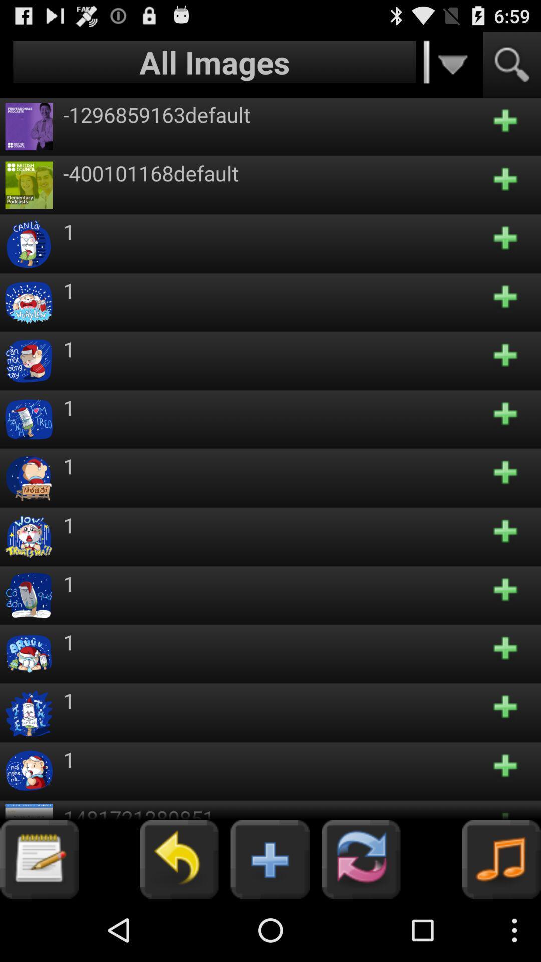  I want to click on the reply icon, so click(178, 919).